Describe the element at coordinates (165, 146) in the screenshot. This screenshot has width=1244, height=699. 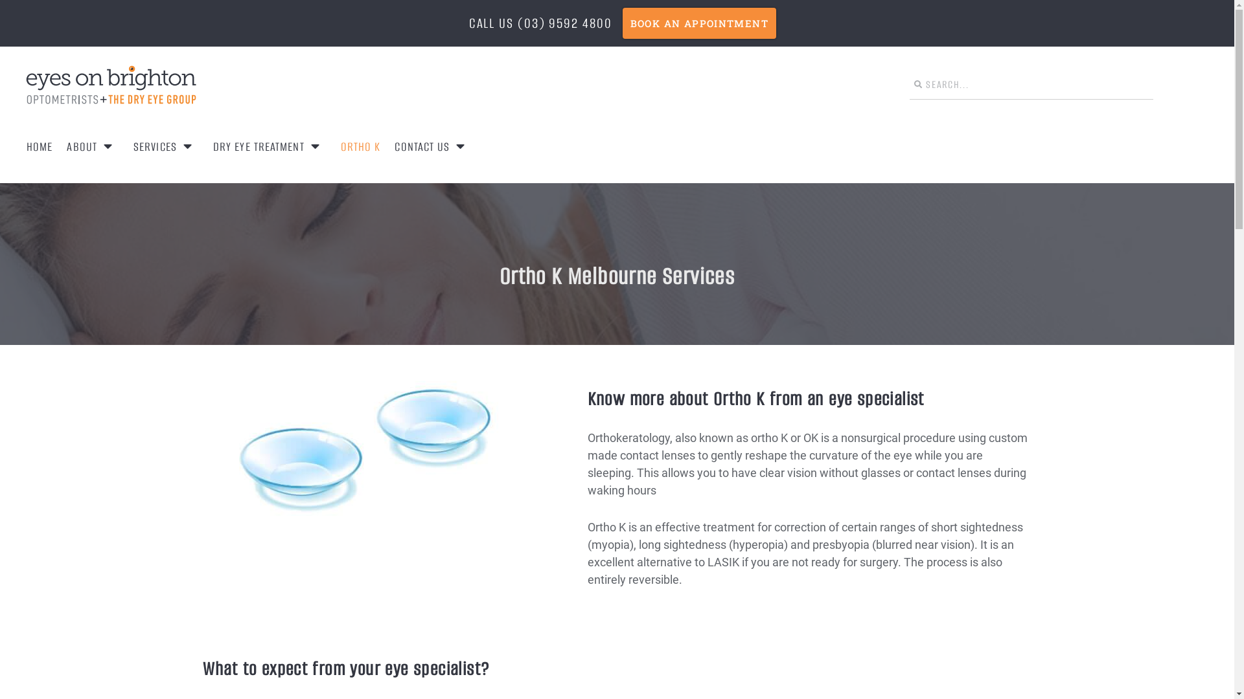
I see `'SERVICES'` at that location.